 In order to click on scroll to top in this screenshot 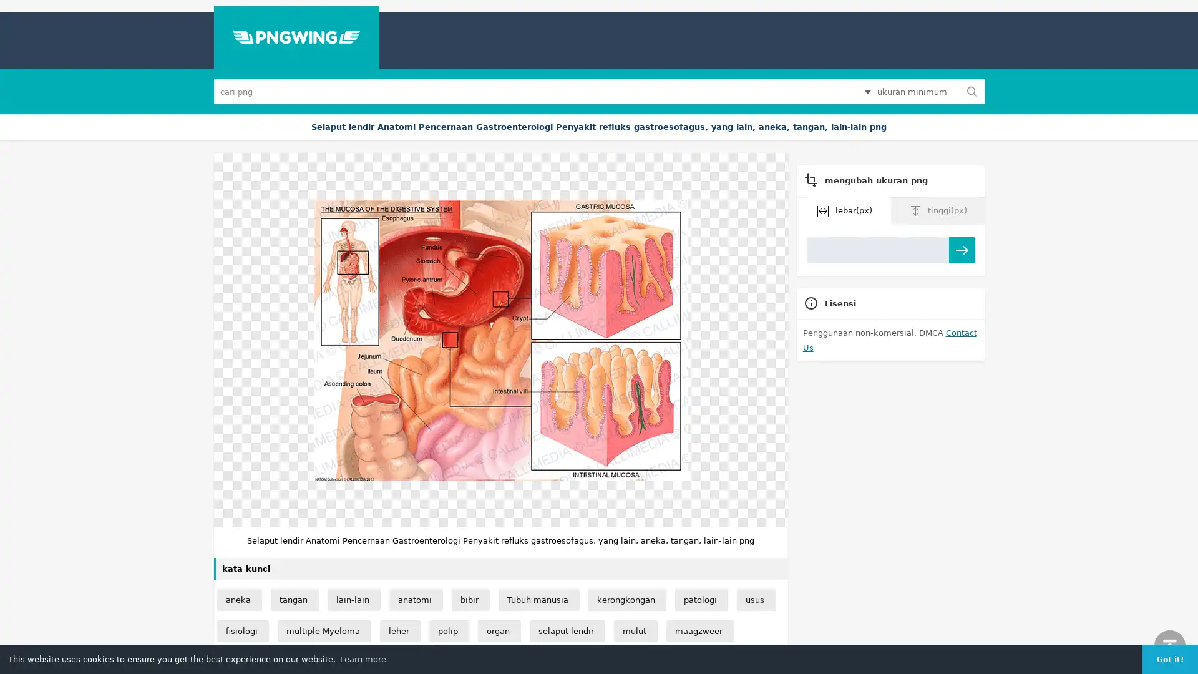, I will do `click(1169, 645)`.